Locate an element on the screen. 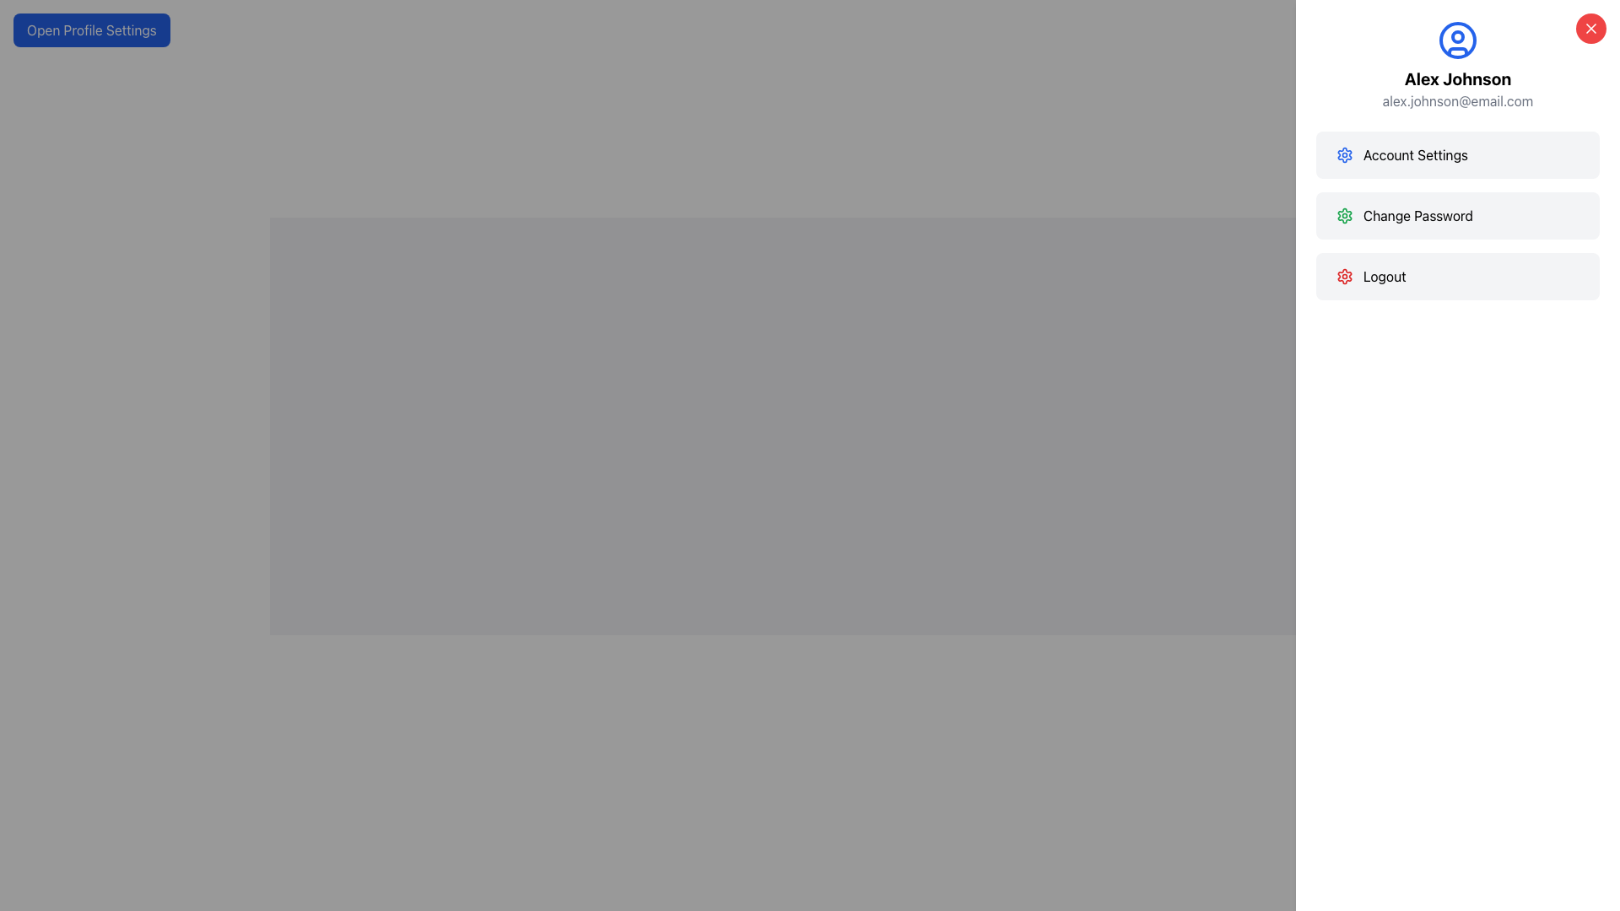 This screenshot has width=1620, height=911. the logout button is located at coordinates (1457, 275).